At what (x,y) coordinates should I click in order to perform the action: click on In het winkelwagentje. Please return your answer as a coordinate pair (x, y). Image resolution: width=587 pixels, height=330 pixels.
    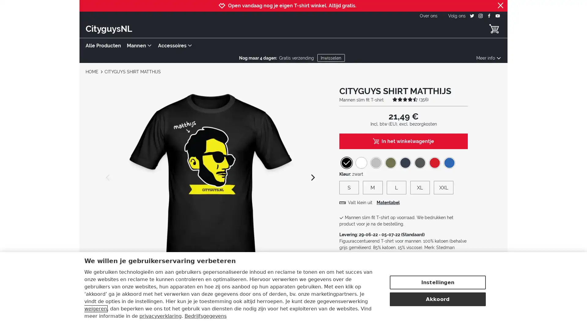
    Looking at the image, I should click on (404, 141).